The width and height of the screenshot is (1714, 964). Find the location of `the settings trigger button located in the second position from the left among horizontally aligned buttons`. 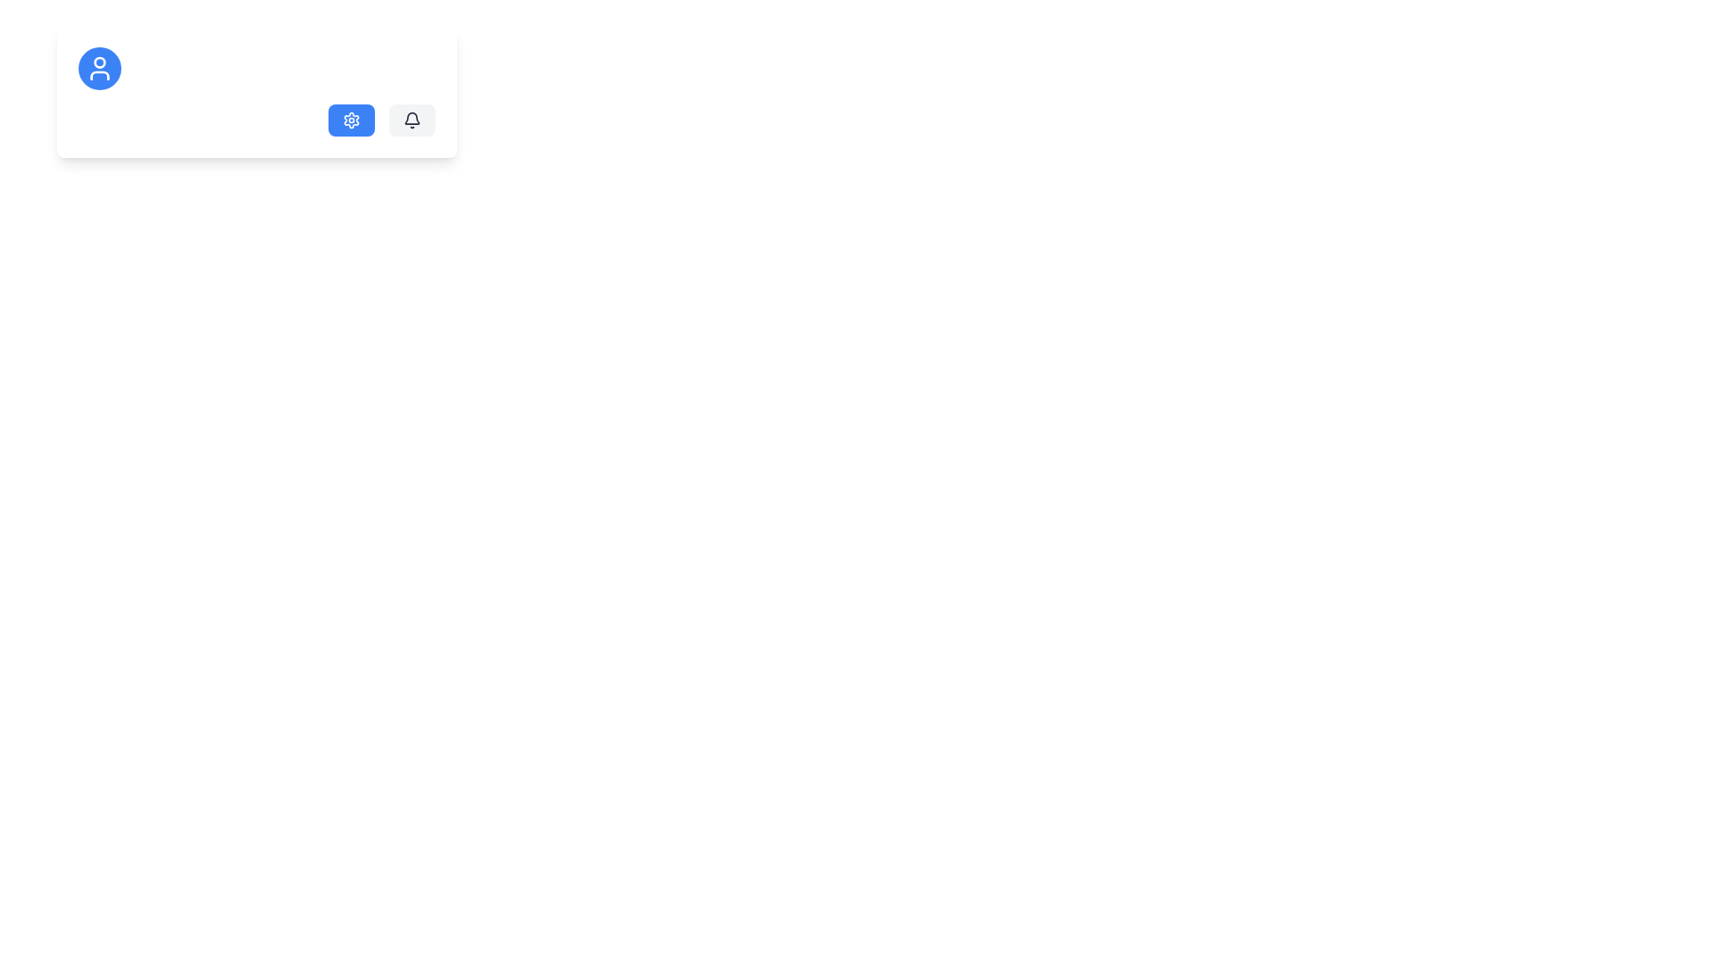

the settings trigger button located in the second position from the left among horizontally aligned buttons is located at coordinates (351, 120).